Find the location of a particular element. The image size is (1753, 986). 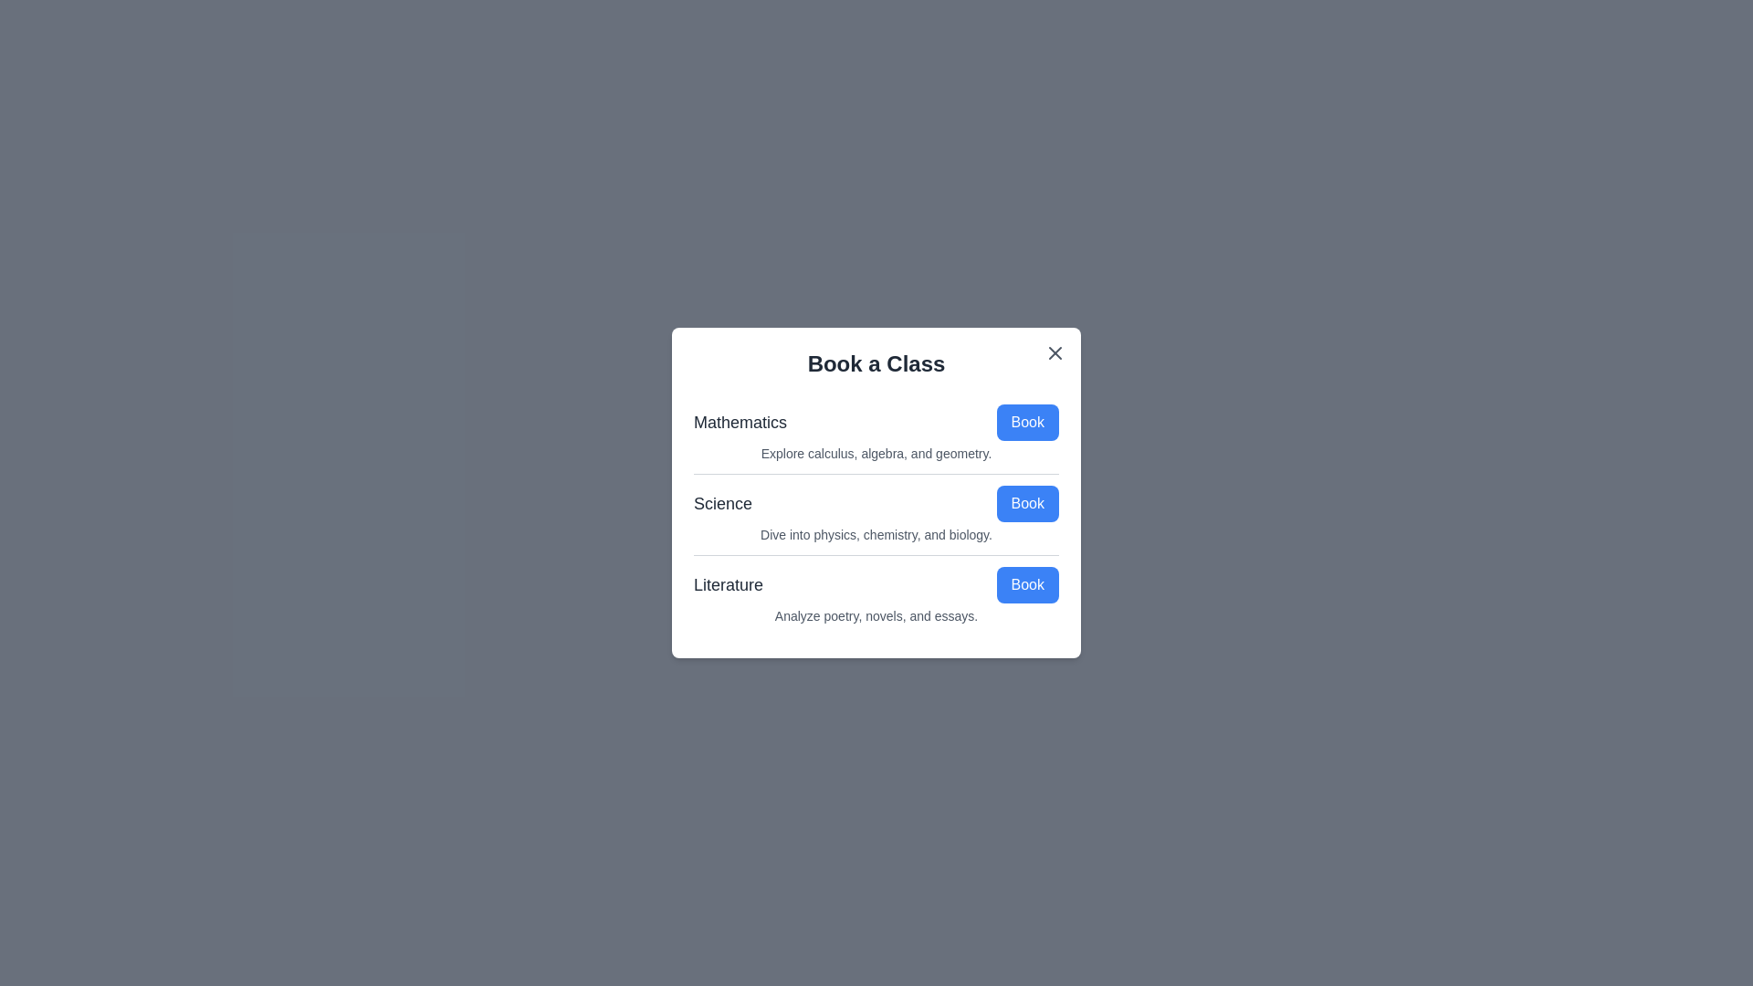

the description of Literature to examine it is located at coordinates (876, 616).